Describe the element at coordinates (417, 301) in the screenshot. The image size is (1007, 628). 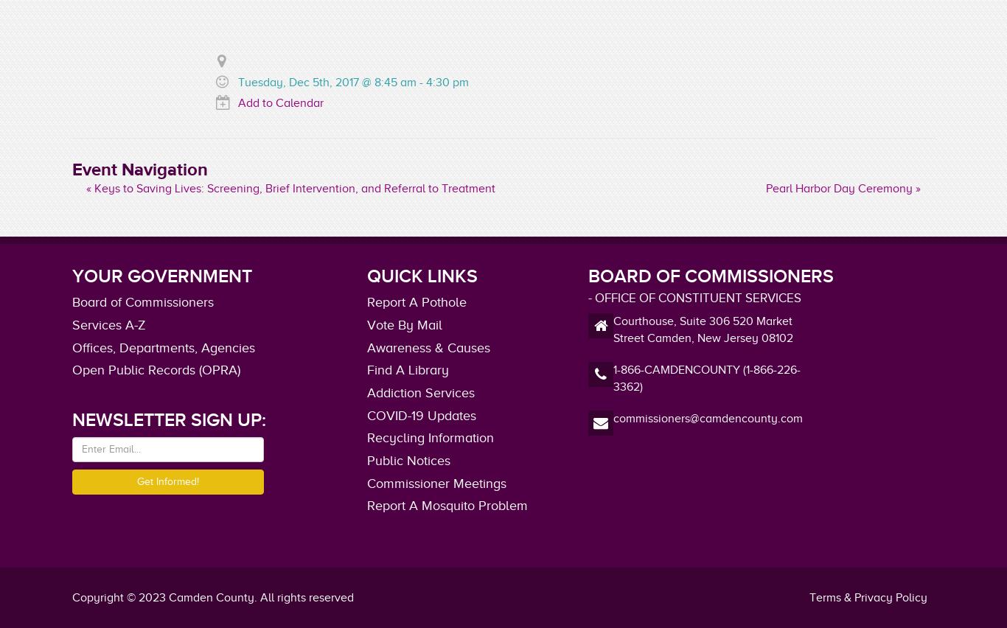
I see `'Report A Pothole'` at that location.